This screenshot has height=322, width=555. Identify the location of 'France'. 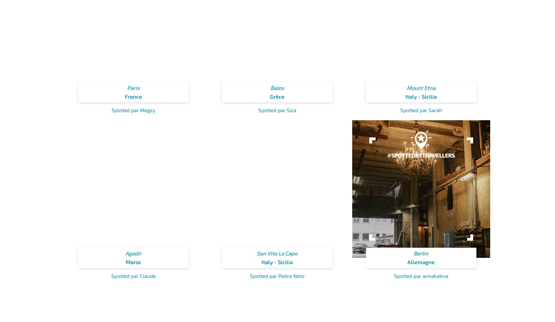
(133, 96).